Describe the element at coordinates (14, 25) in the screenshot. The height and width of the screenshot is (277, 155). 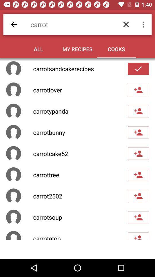
I see `the item next to the carrot icon` at that location.